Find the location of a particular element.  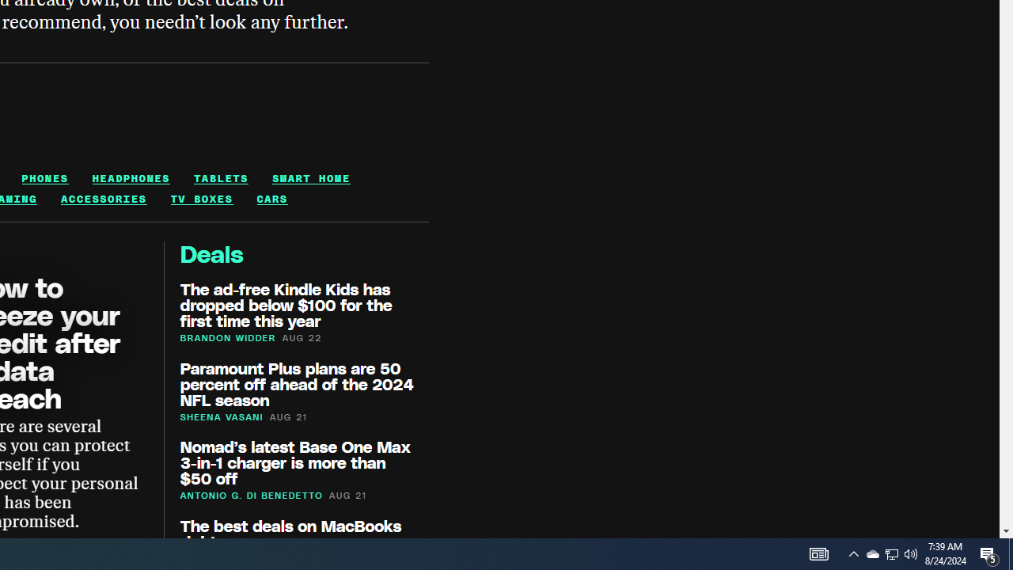

'TV BOXES' is located at coordinates (200, 198).